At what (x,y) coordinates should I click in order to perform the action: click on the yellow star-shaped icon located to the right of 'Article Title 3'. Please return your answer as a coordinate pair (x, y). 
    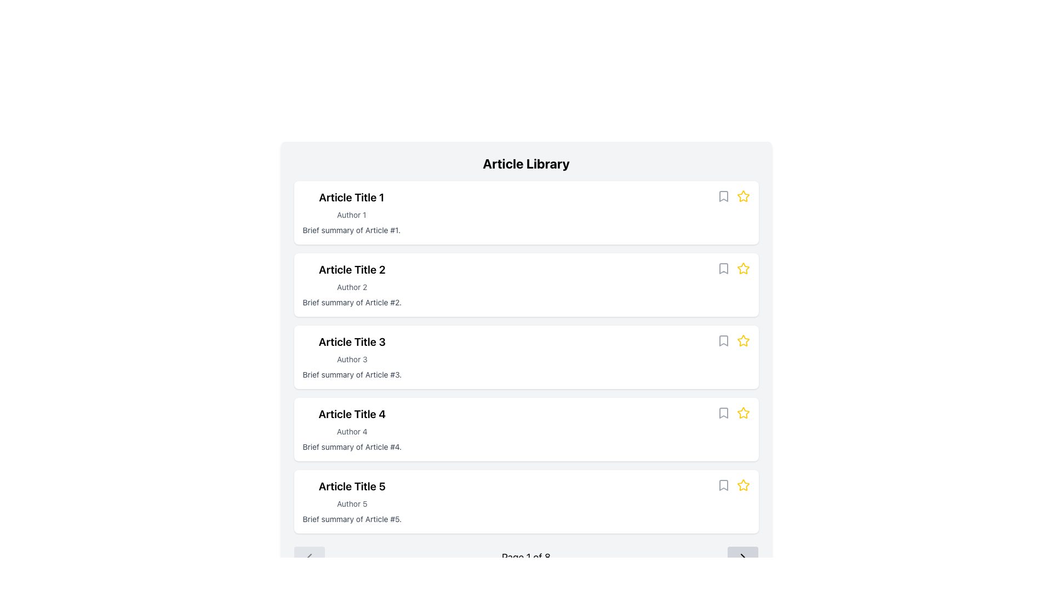
    Looking at the image, I should click on (743, 339).